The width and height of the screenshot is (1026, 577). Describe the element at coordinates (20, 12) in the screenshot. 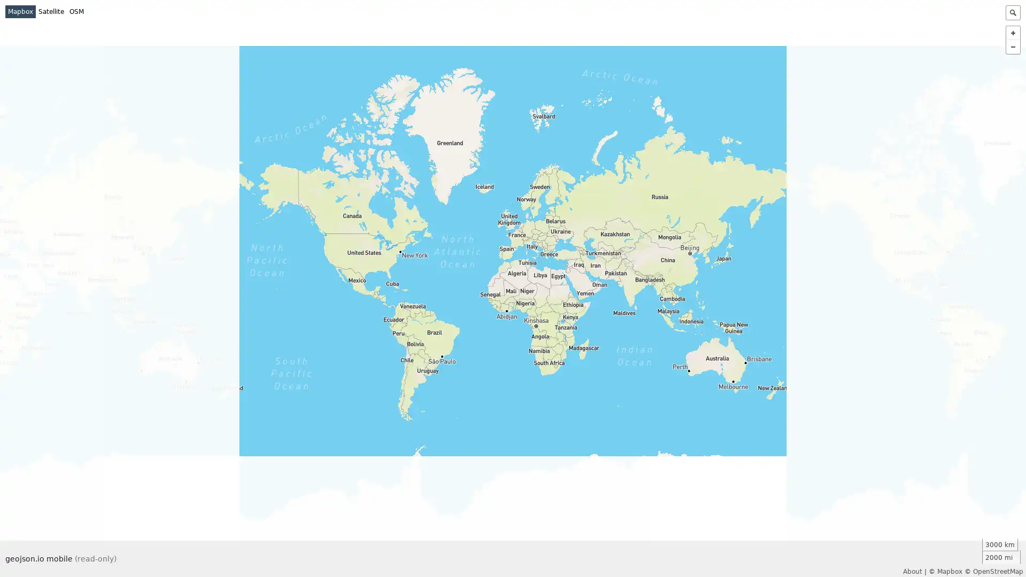

I see `Mapbox` at that location.